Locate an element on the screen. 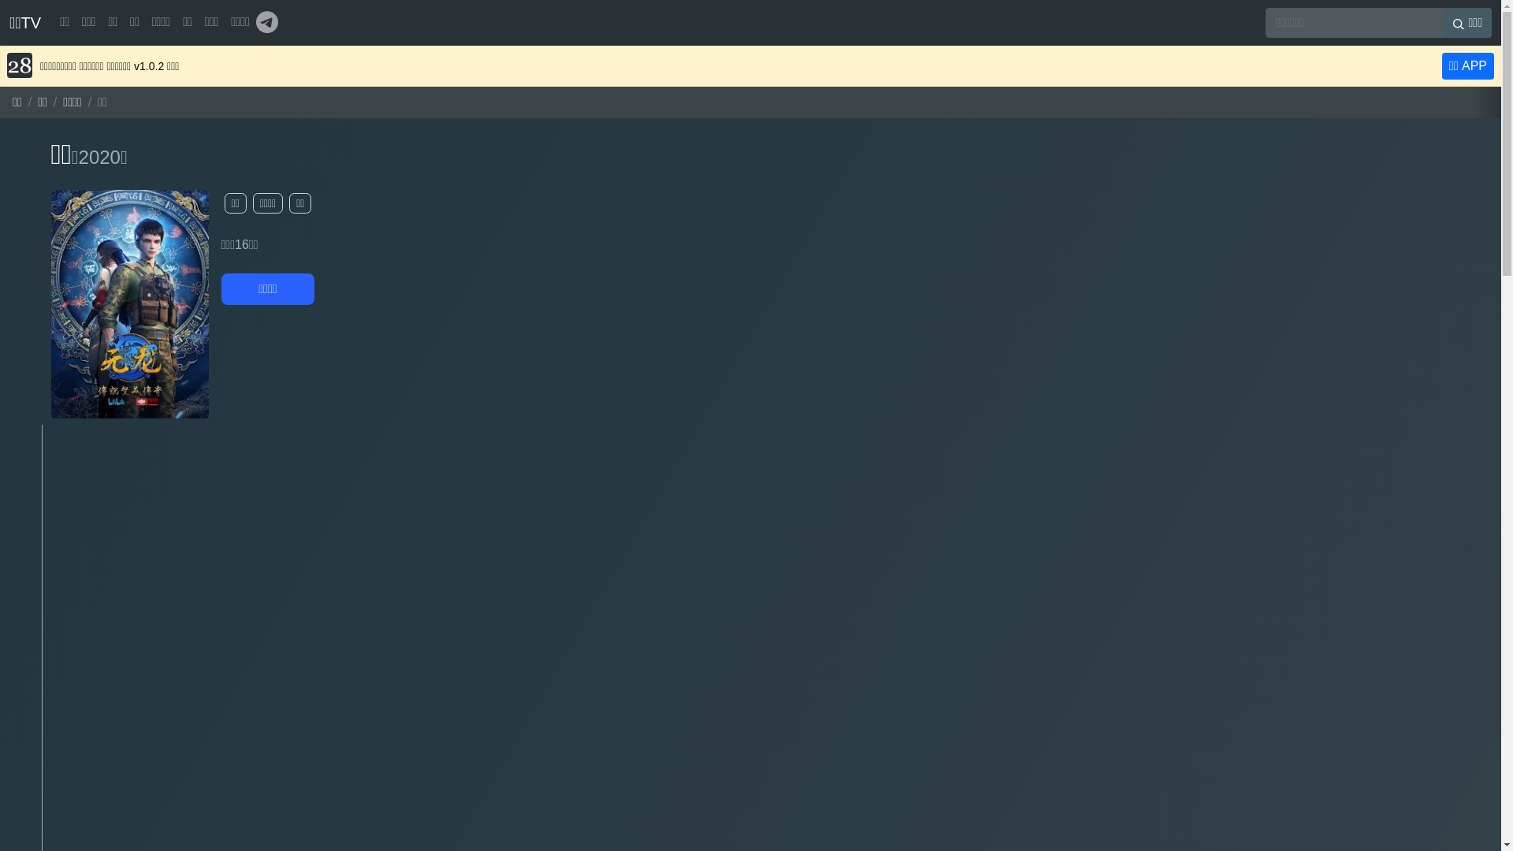 The image size is (1513, 851). '2020' is located at coordinates (78, 157).